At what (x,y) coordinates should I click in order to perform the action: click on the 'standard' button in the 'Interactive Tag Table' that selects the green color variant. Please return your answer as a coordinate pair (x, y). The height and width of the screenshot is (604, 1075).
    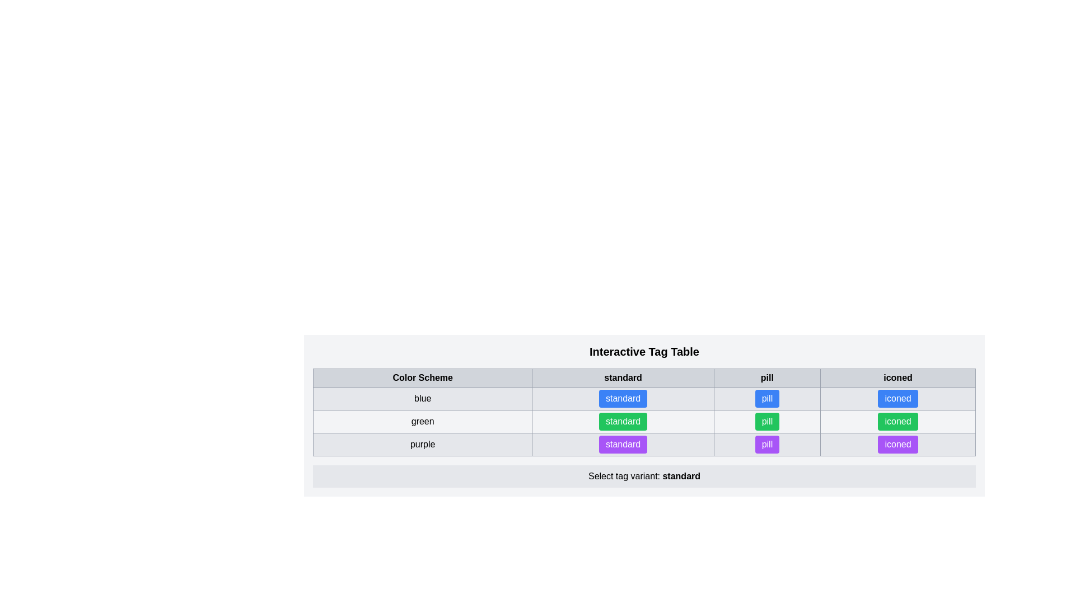
    Looking at the image, I should click on (623, 421).